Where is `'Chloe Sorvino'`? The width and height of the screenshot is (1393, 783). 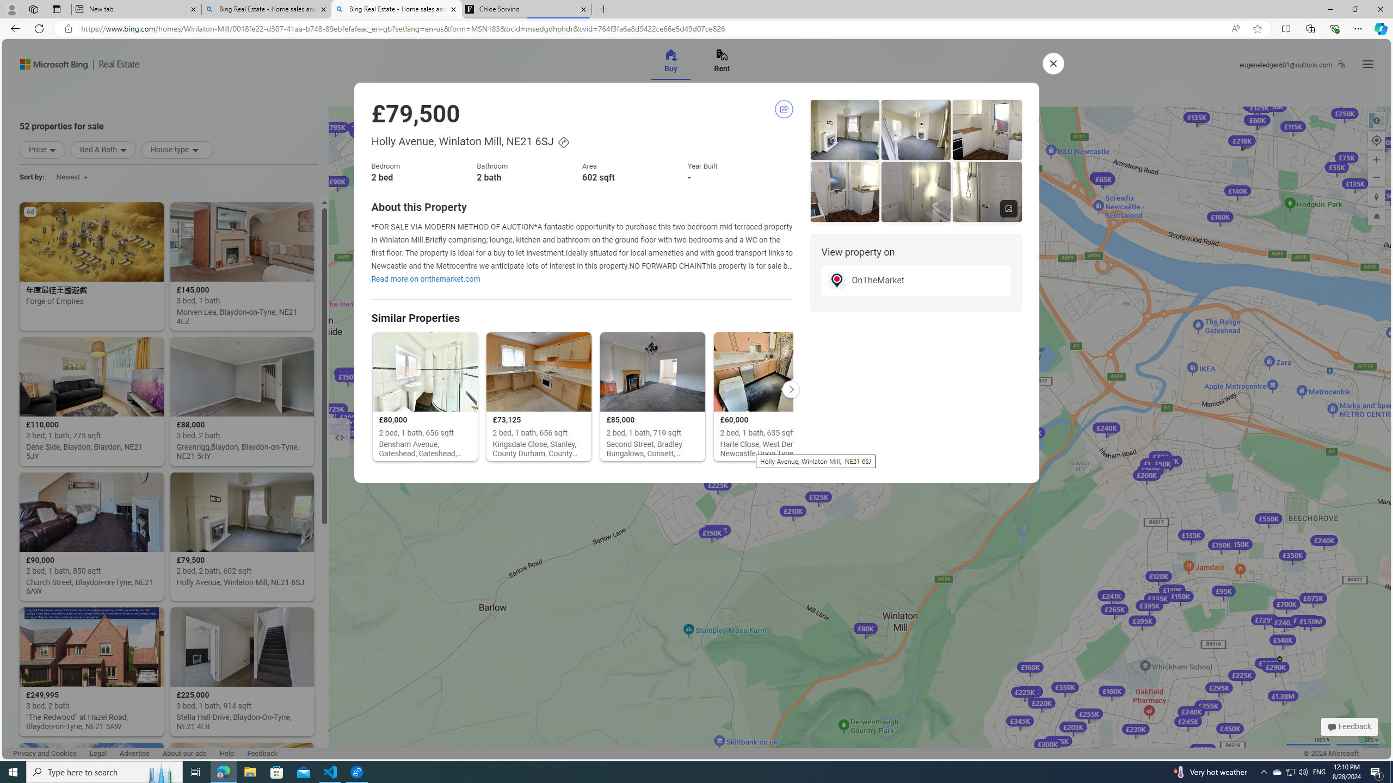 'Chloe Sorvino' is located at coordinates (526, 9).